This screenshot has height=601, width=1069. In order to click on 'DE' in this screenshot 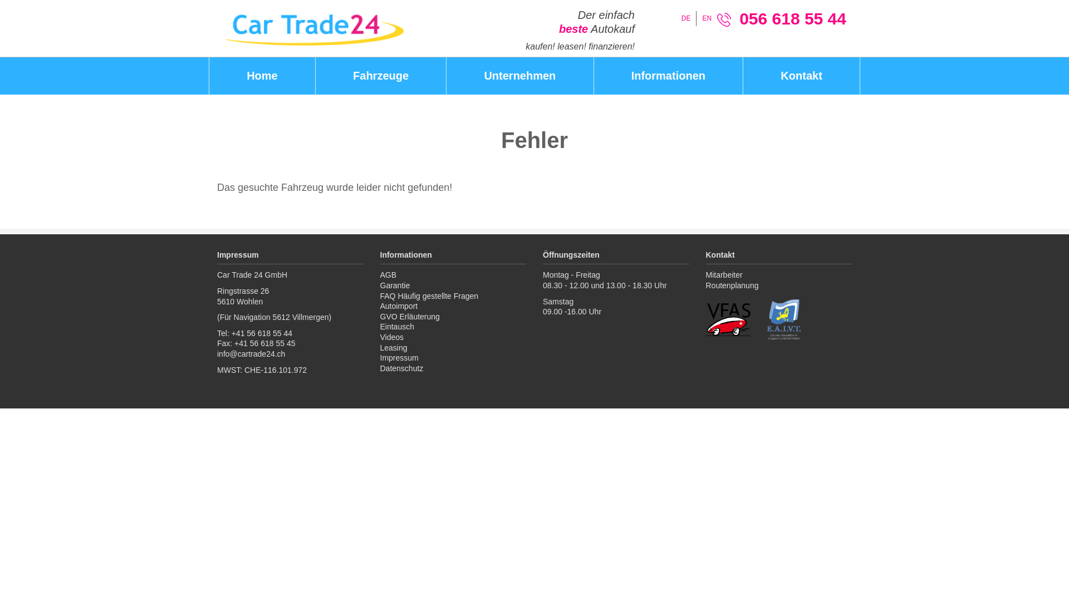, I will do `click(681, 18)`.